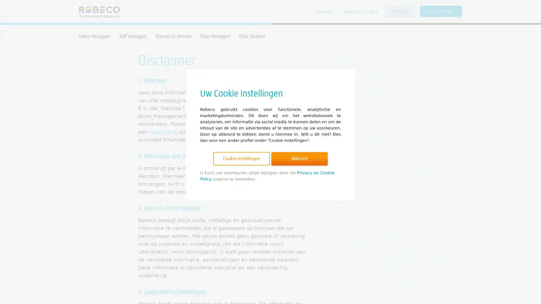 Image resolution: width=541 pixels, height=304 pixels. What do you see at coordinates (133, 36) in the screenshot?
I see `Zelf beleggen` at bounding box center [133, 36].